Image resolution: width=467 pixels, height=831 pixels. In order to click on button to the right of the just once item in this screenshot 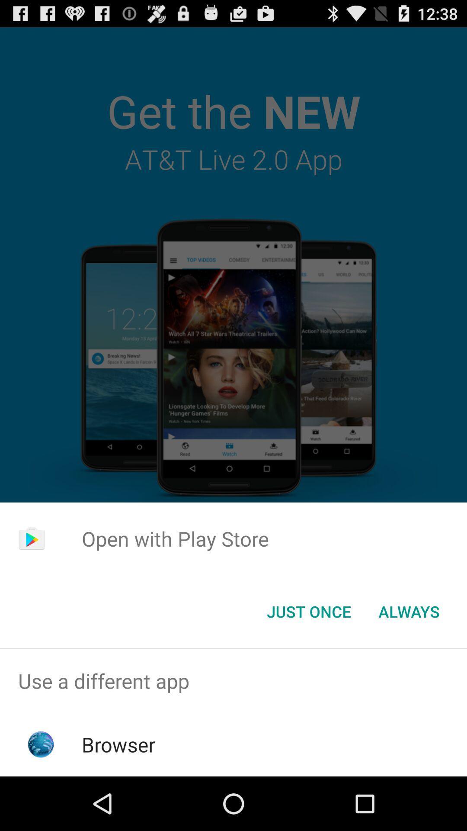, I will do `click(409, 611)`.